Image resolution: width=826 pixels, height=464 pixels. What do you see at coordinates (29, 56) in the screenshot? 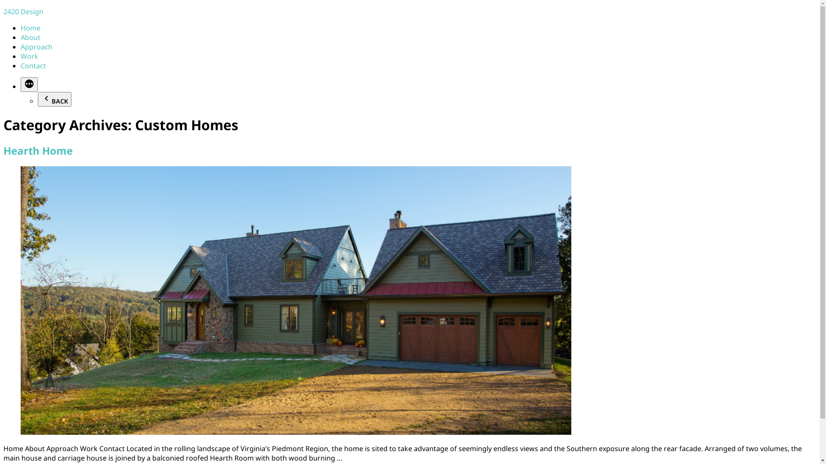
I see `'Work'` at bounding box center [29, 56].